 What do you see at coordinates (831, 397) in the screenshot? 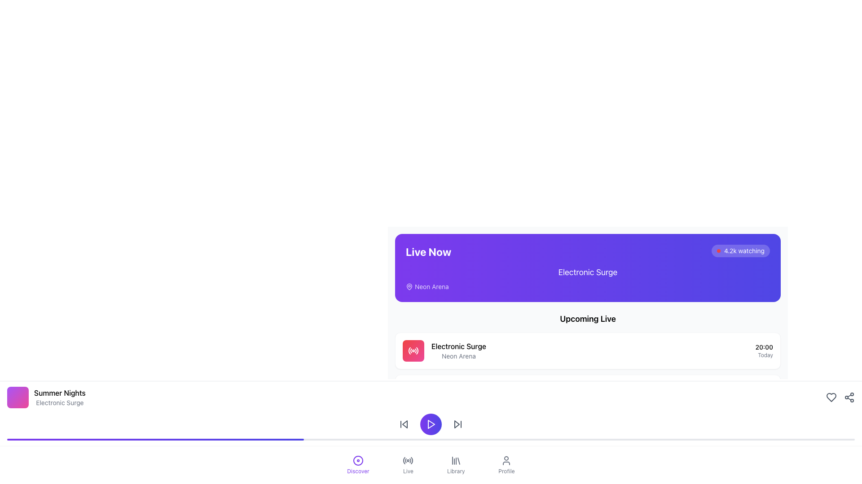
I see `the heart-shaped outline SVG icon located in the bottom-right corner of the interface, next to the sharing icon` at bounding box center [831, 397].